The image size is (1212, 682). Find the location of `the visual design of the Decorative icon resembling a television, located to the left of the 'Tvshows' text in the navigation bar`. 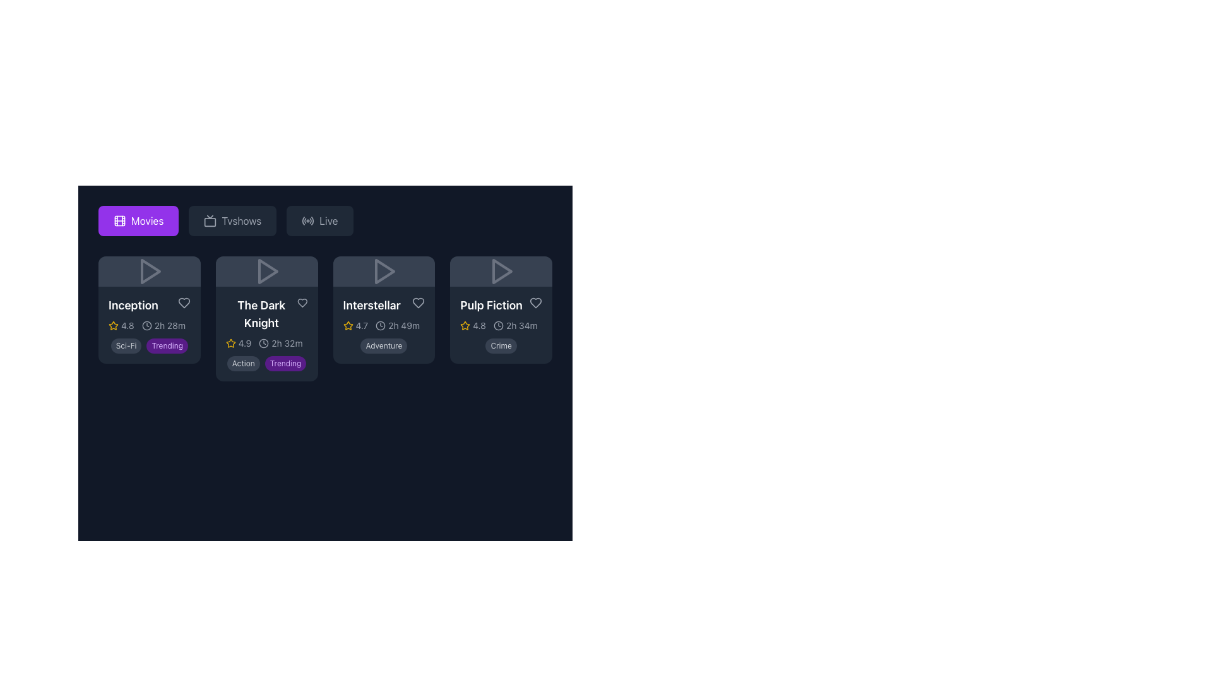

the visual design of the Decorative icon resembling a television, located to the left of the 'Tvshows' text in the navigation bar is located at coordinates (210, 220).